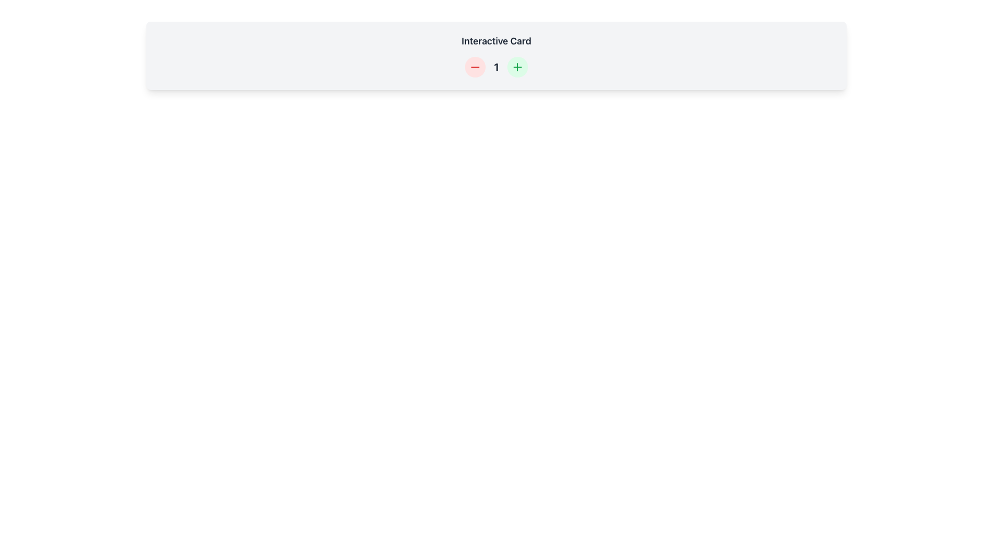 This screenshot has height=558, width=993. I want to click on the value indicator text label located centrally between the increment and decrement circular buttons in the 'Interactive Card' group, so click(496, 67).